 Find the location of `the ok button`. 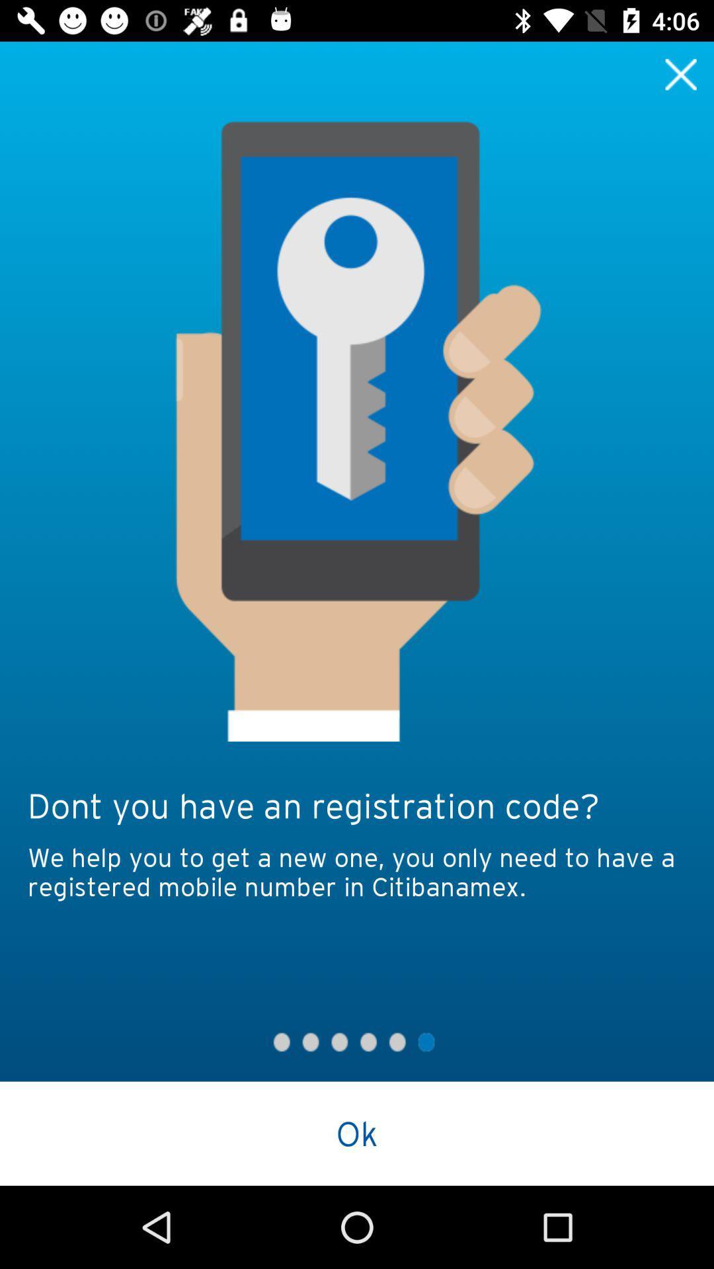

the ok button is located at coordinates (357, 1133).